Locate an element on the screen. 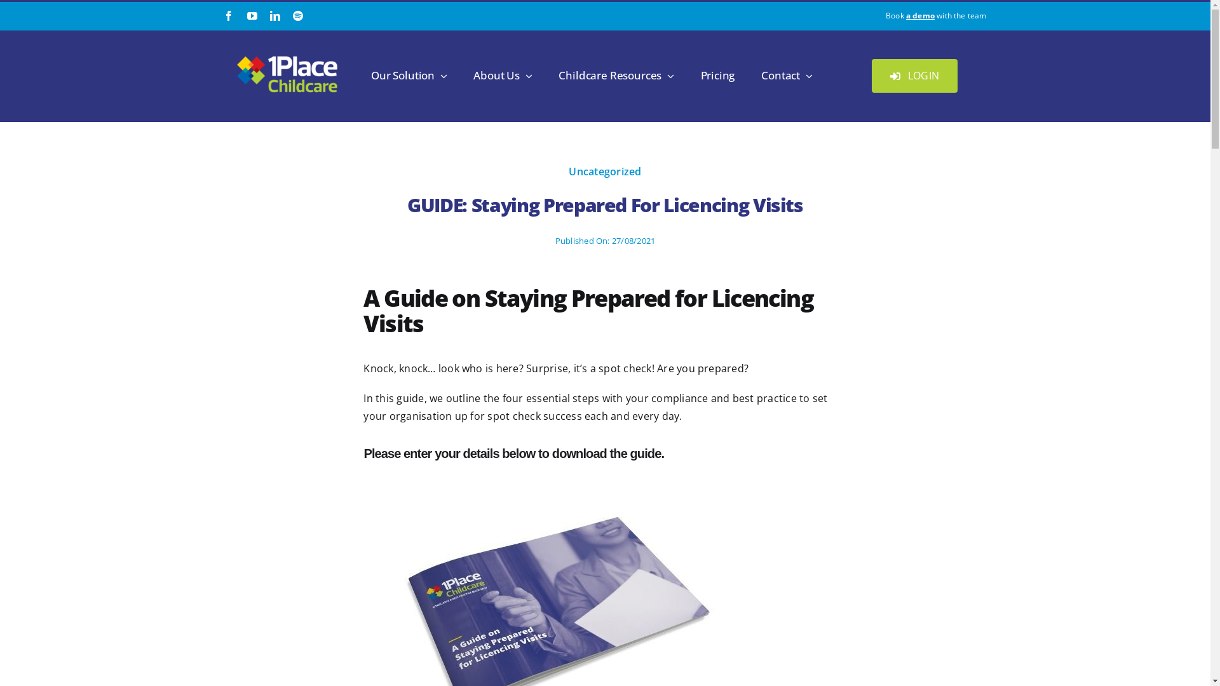 The image size is (1220, 686). 'Spotify' is located at coordinates (292, 15).